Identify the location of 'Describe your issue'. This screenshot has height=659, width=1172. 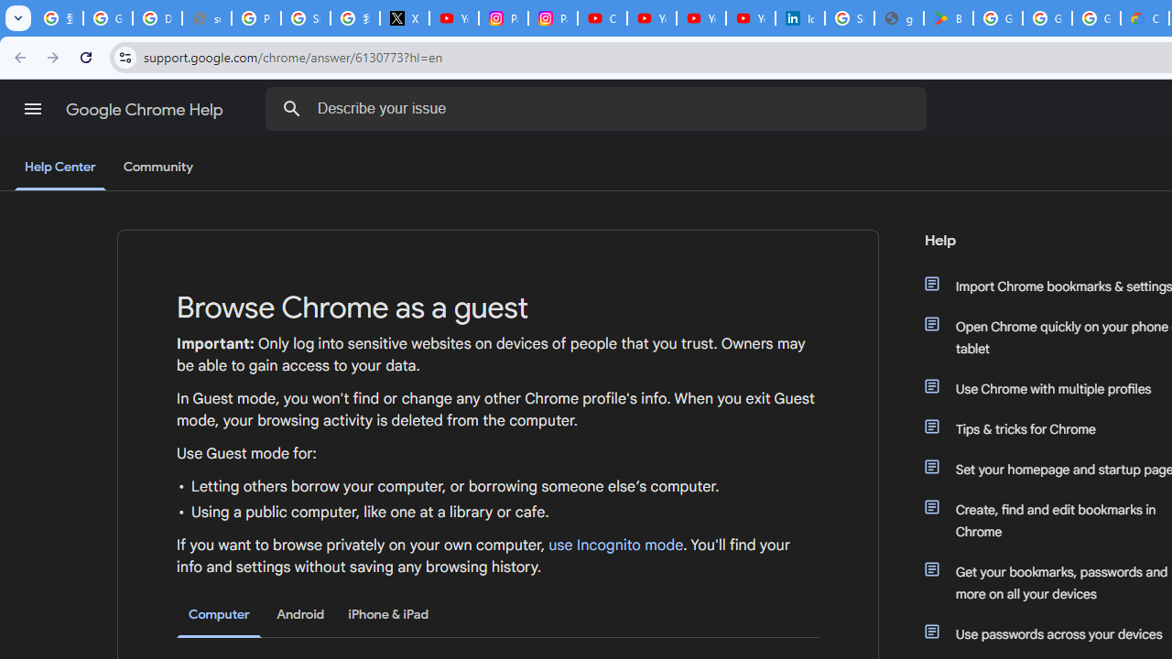
(599, 108).